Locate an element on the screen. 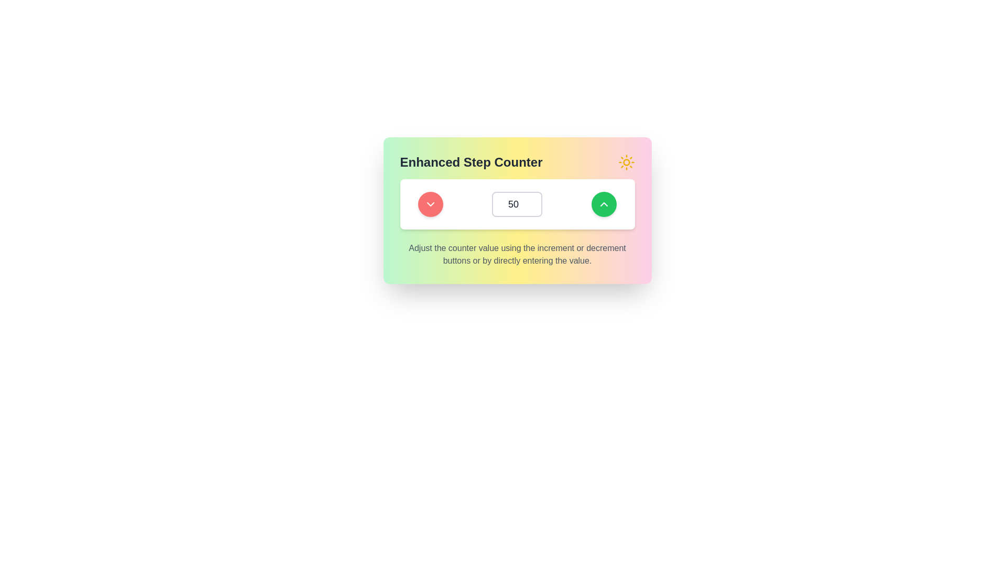  the circular green button with a white upward-facing chevron icon to increment the counter is located at coordinates (604, 204).